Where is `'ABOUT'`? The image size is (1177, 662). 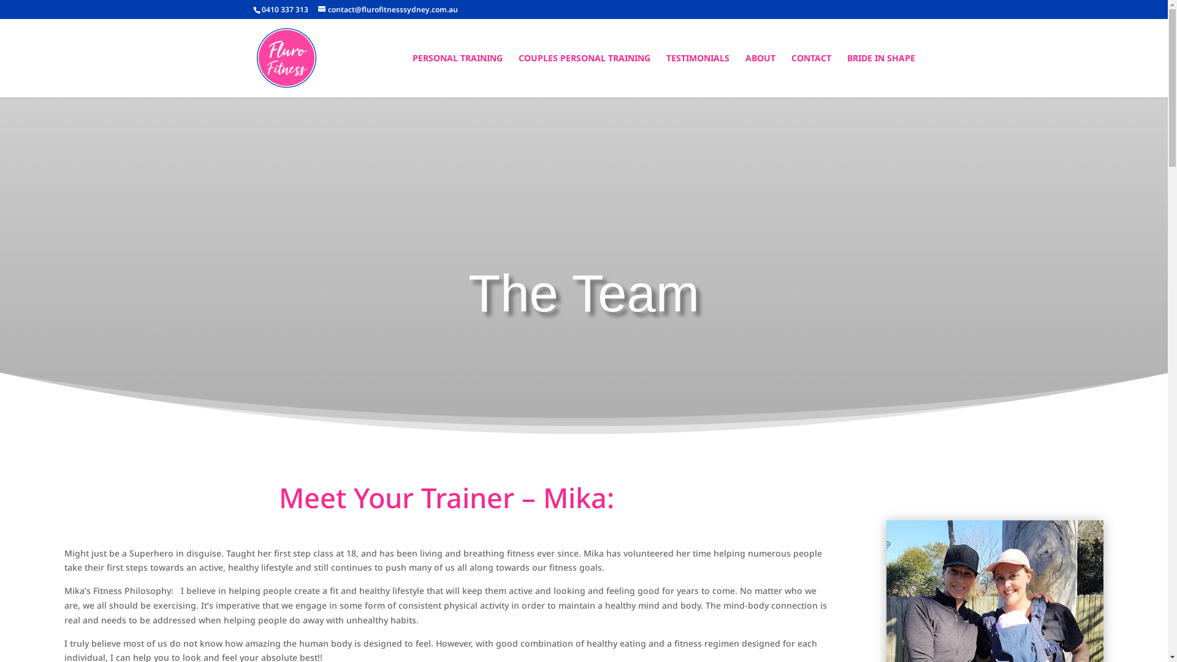
'ABOUT' is located at coordinates (760, 75).